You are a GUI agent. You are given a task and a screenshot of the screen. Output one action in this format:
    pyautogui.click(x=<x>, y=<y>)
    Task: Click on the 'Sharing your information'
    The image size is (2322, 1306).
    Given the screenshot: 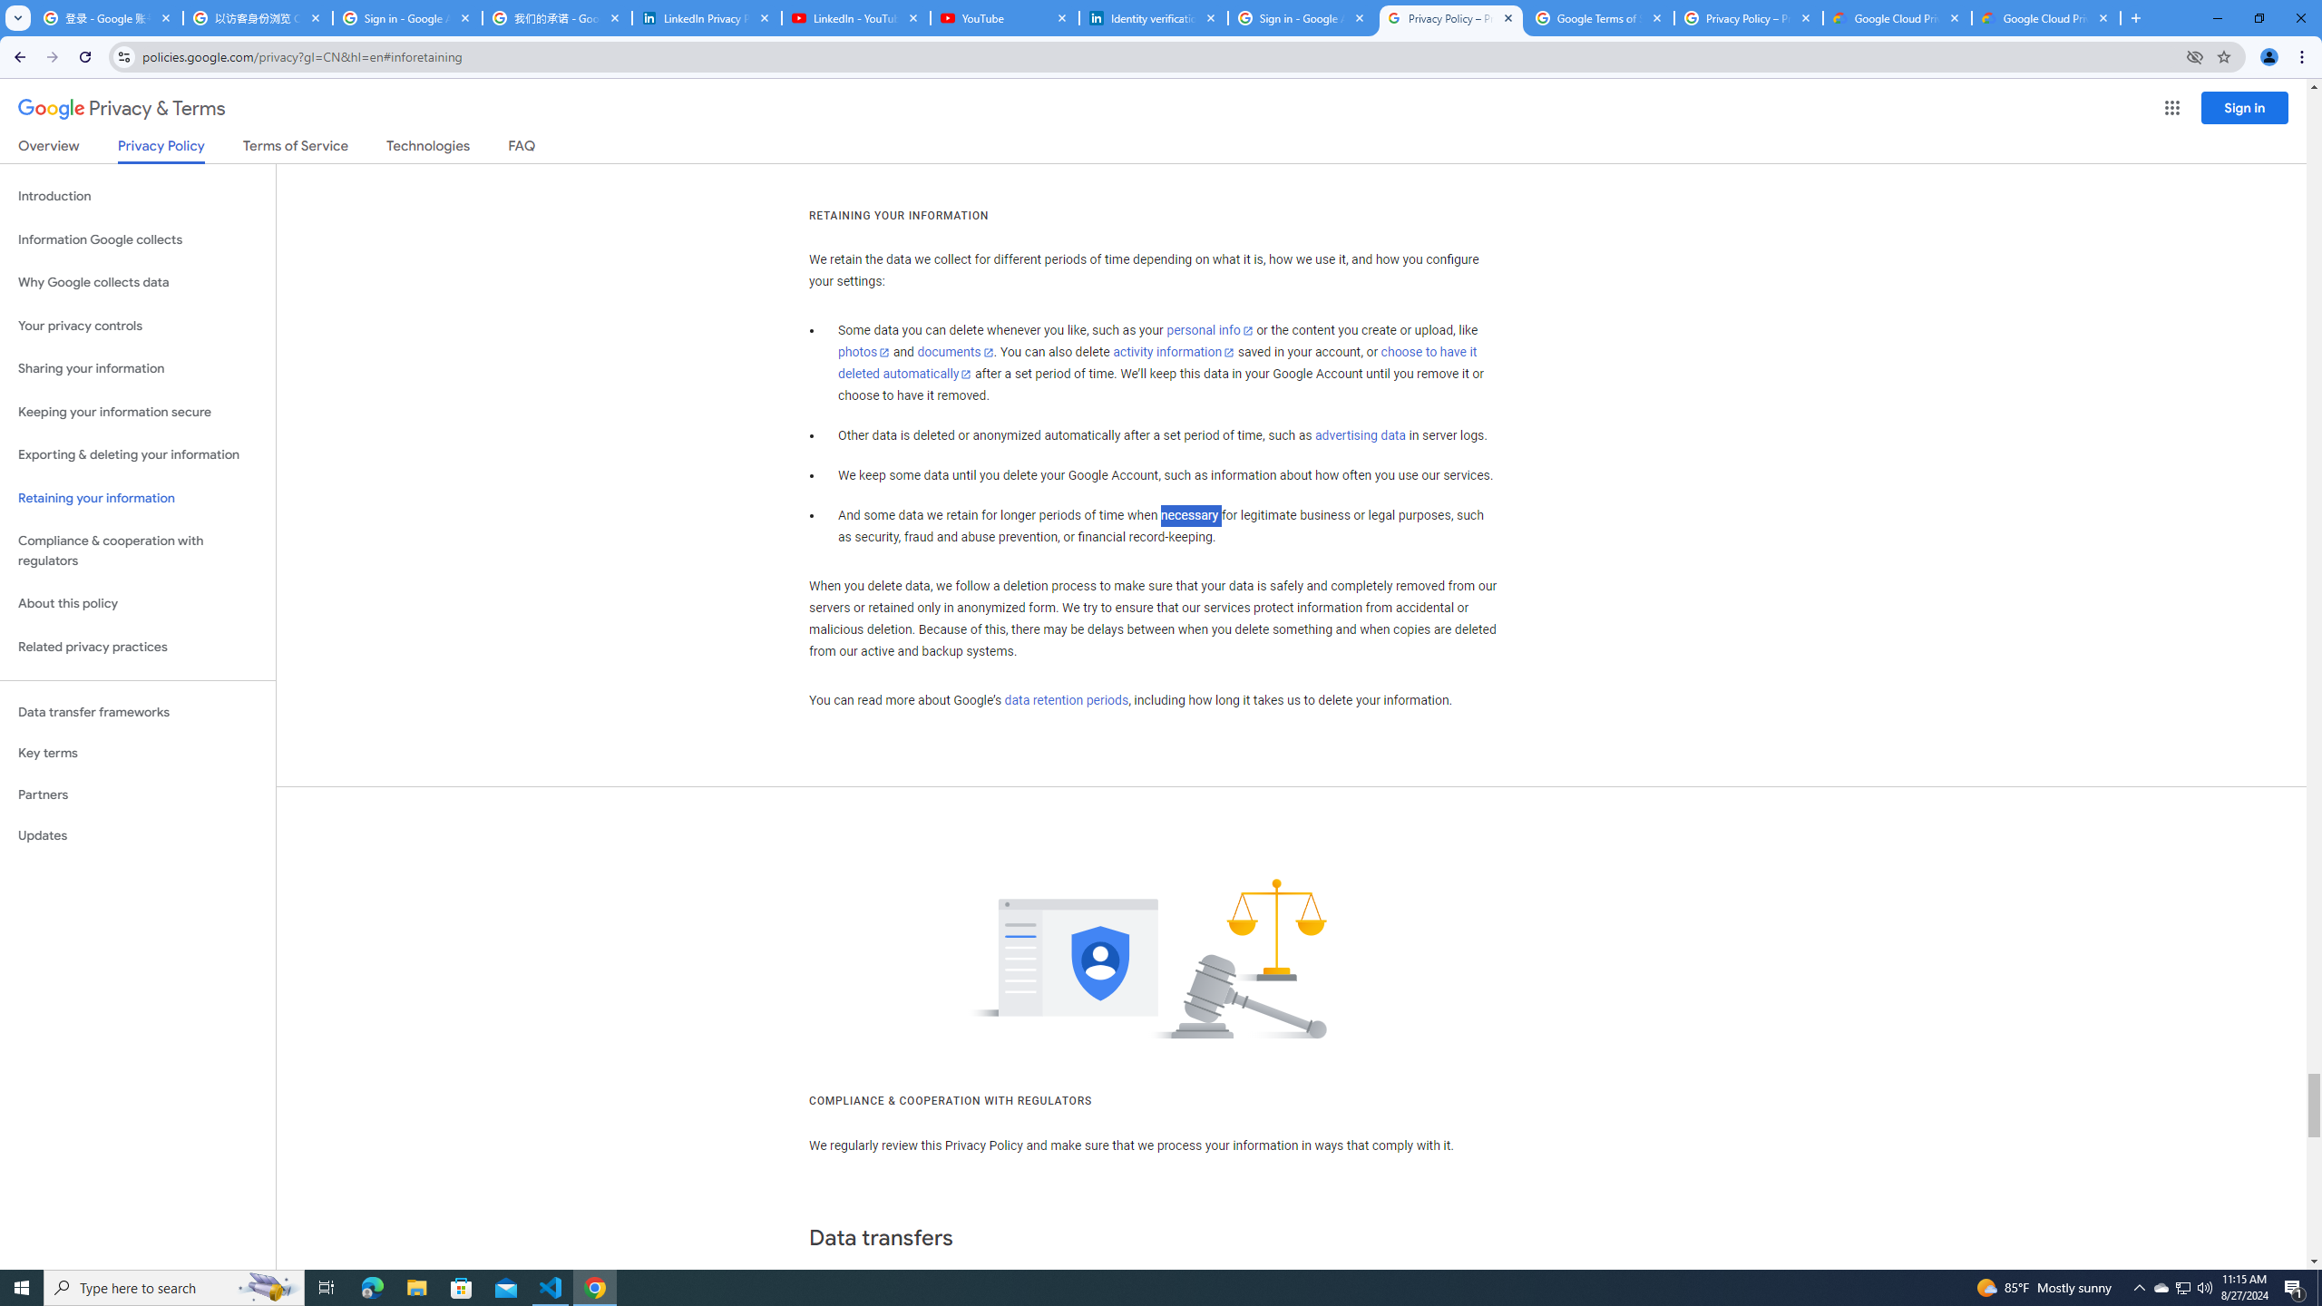 What is the action you would take?
    pyautogui.click(x=137, y=367)
    